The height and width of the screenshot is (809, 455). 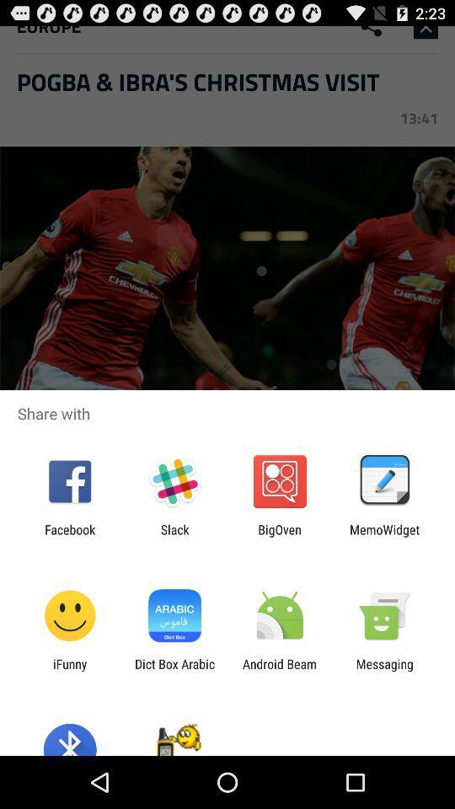 I want to click on the item next to the facebook icon, so click(x=174, y=536).